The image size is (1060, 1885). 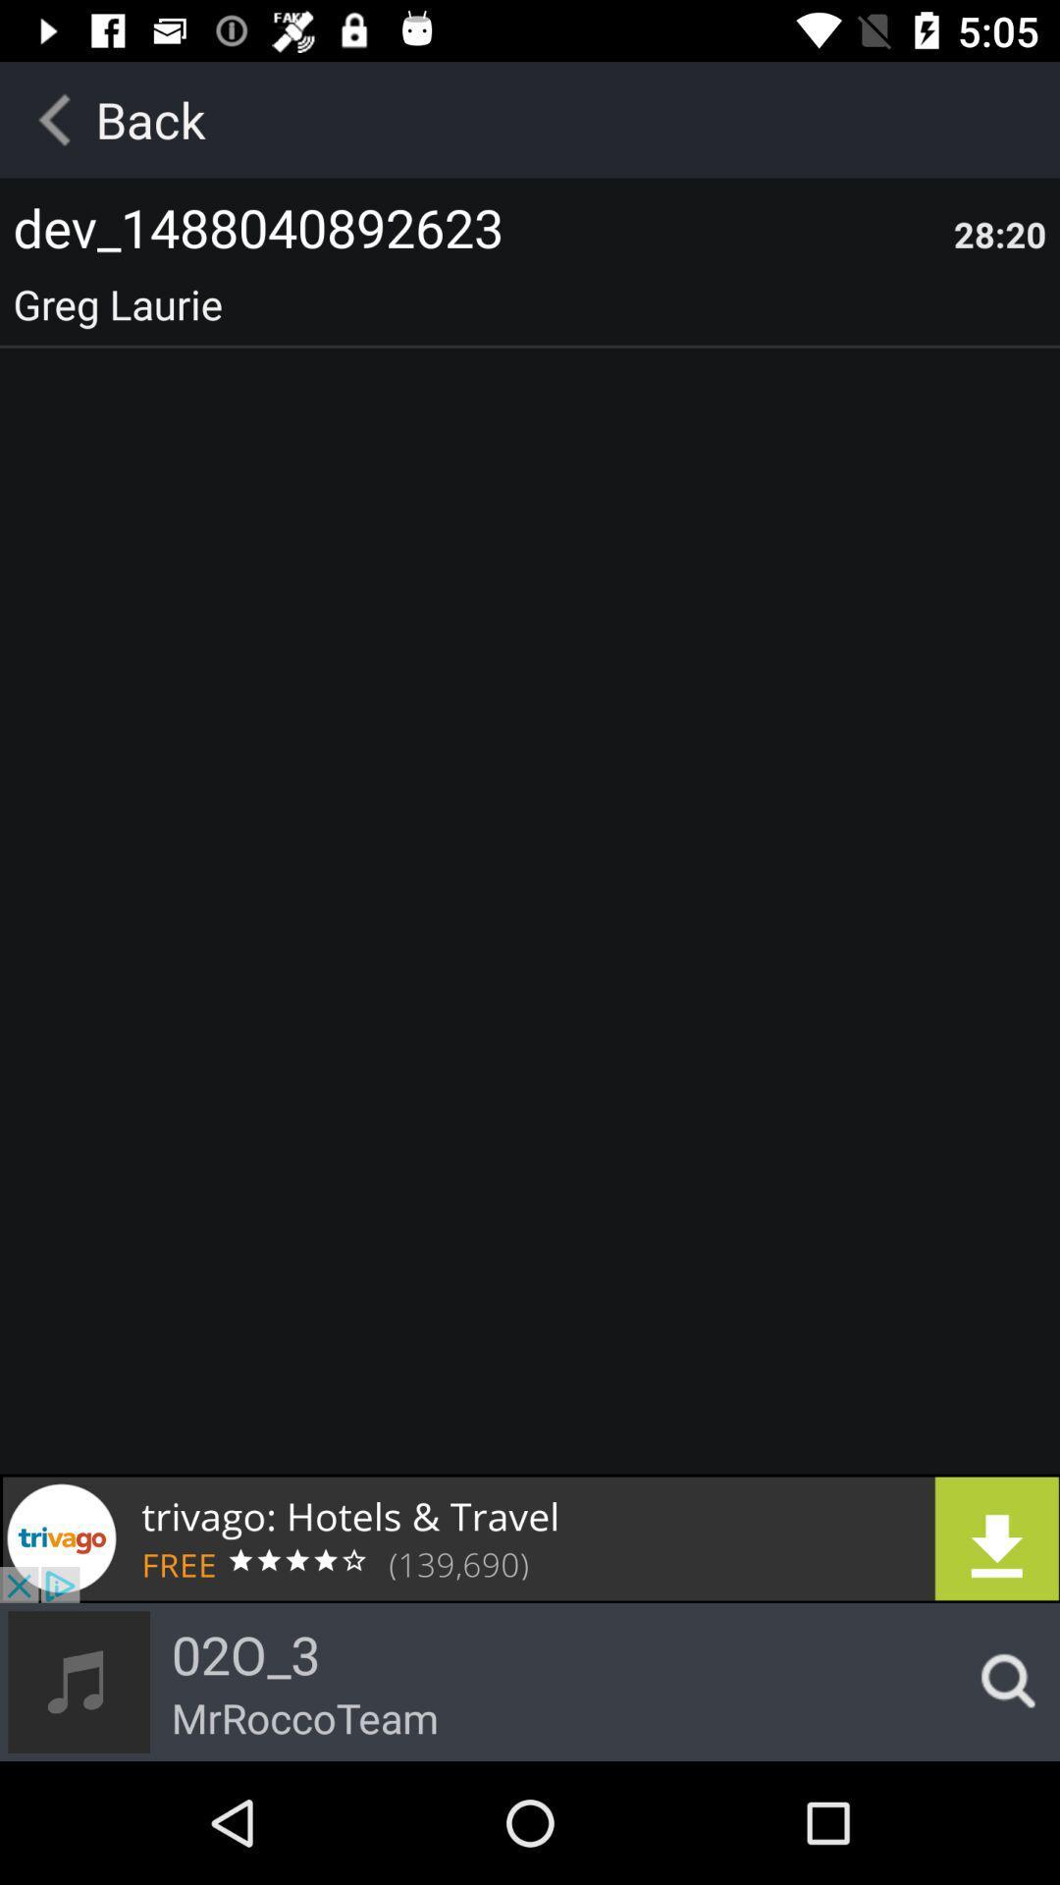 I want to click on search music, so click(x=1002, y=1681).